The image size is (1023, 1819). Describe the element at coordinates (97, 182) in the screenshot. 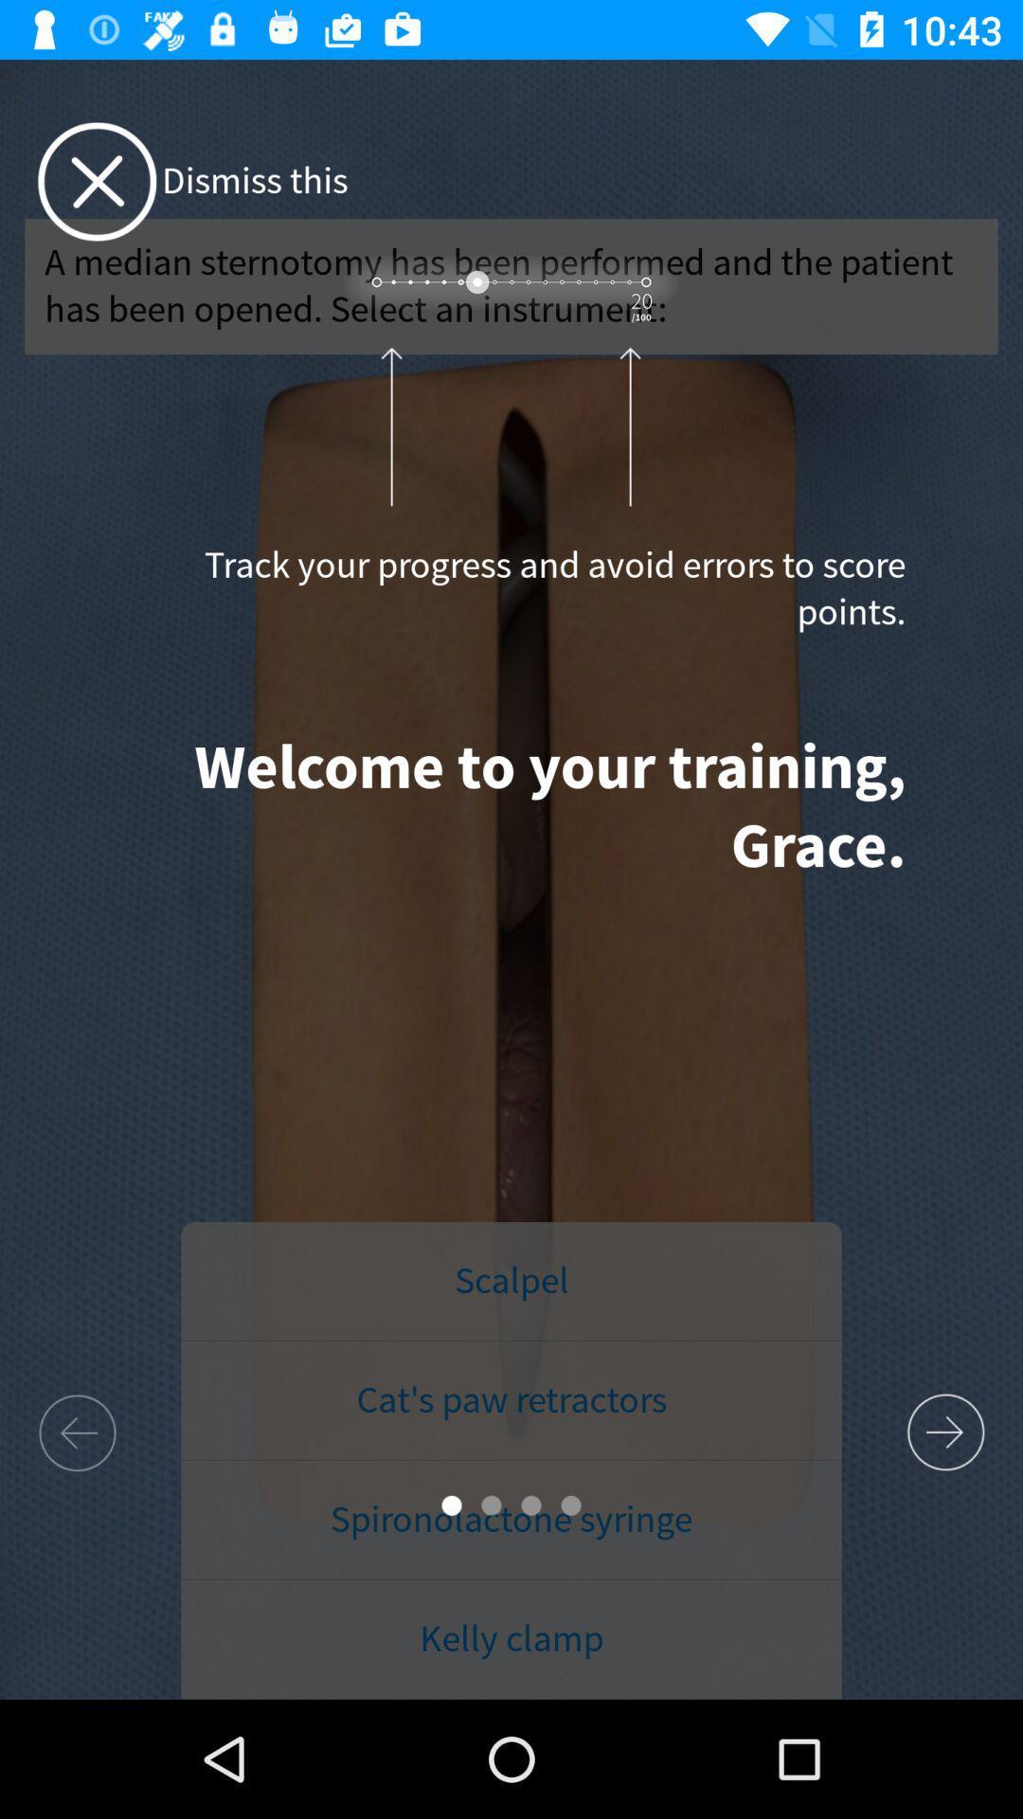

I see `the close icon` at that location.